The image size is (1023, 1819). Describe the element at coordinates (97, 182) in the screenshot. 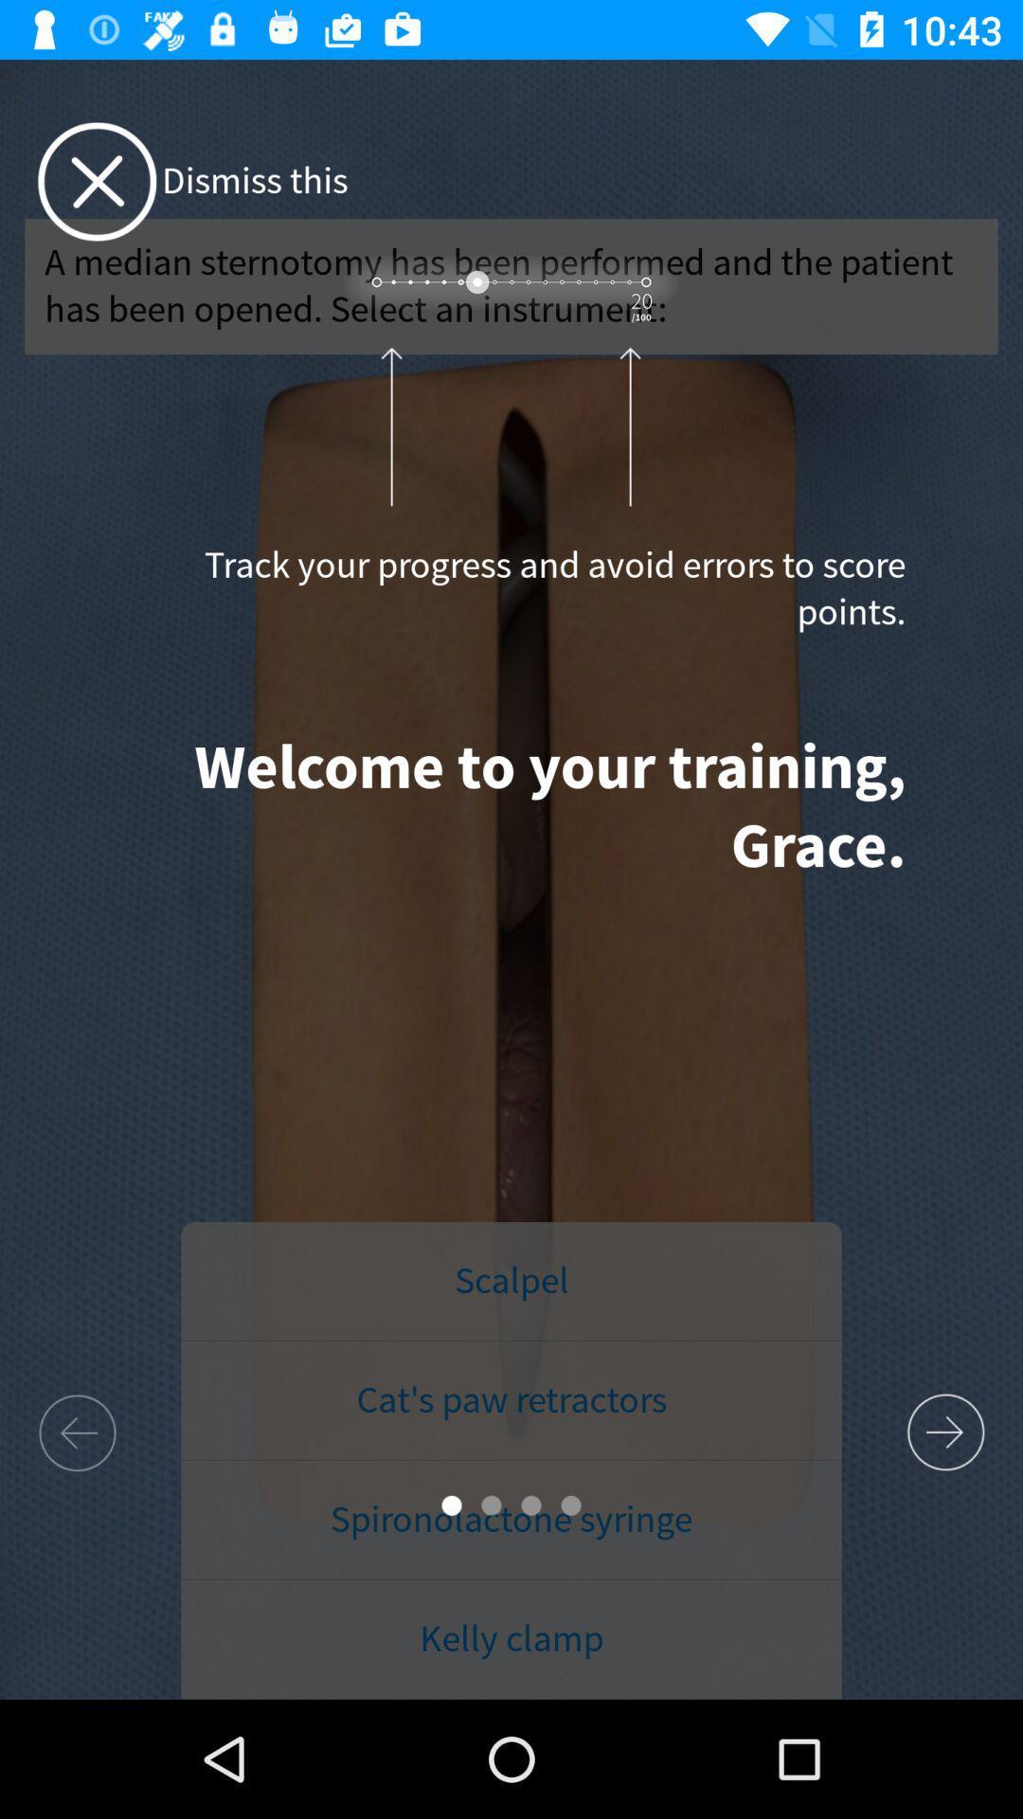

I see `the close icon` at that location.